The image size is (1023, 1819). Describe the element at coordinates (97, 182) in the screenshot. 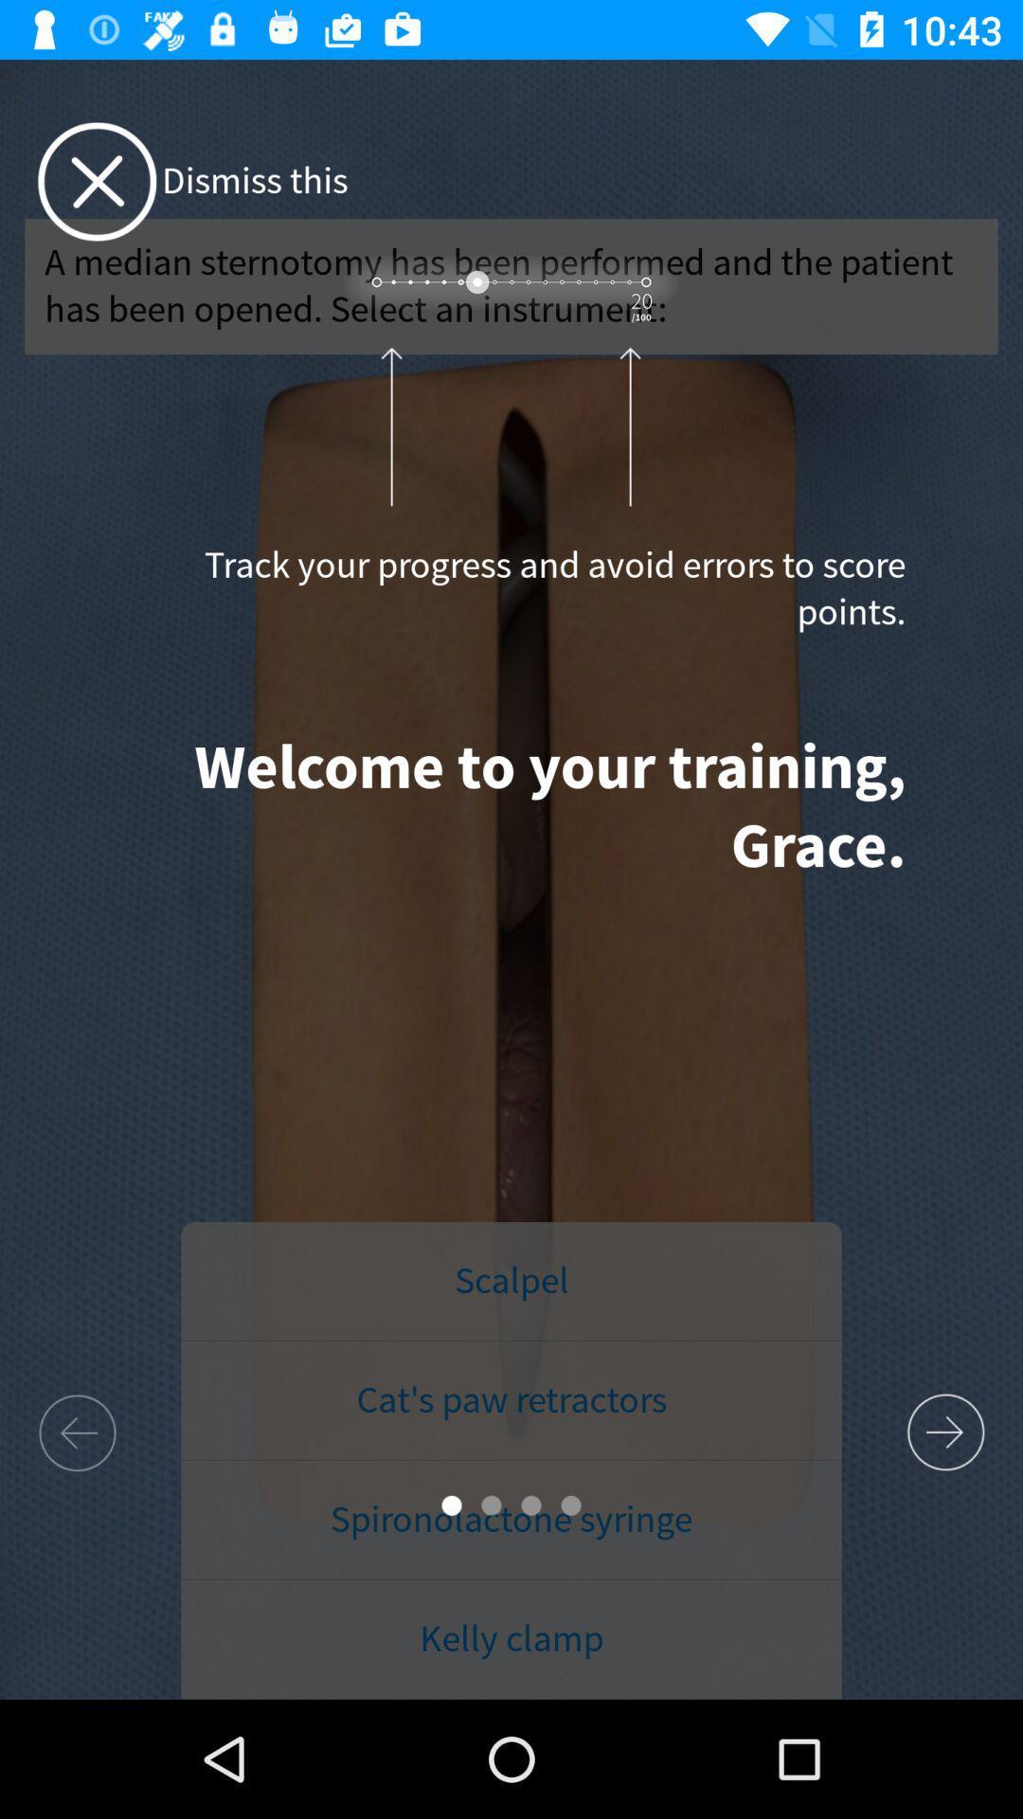

I see `the close icon` at that location.